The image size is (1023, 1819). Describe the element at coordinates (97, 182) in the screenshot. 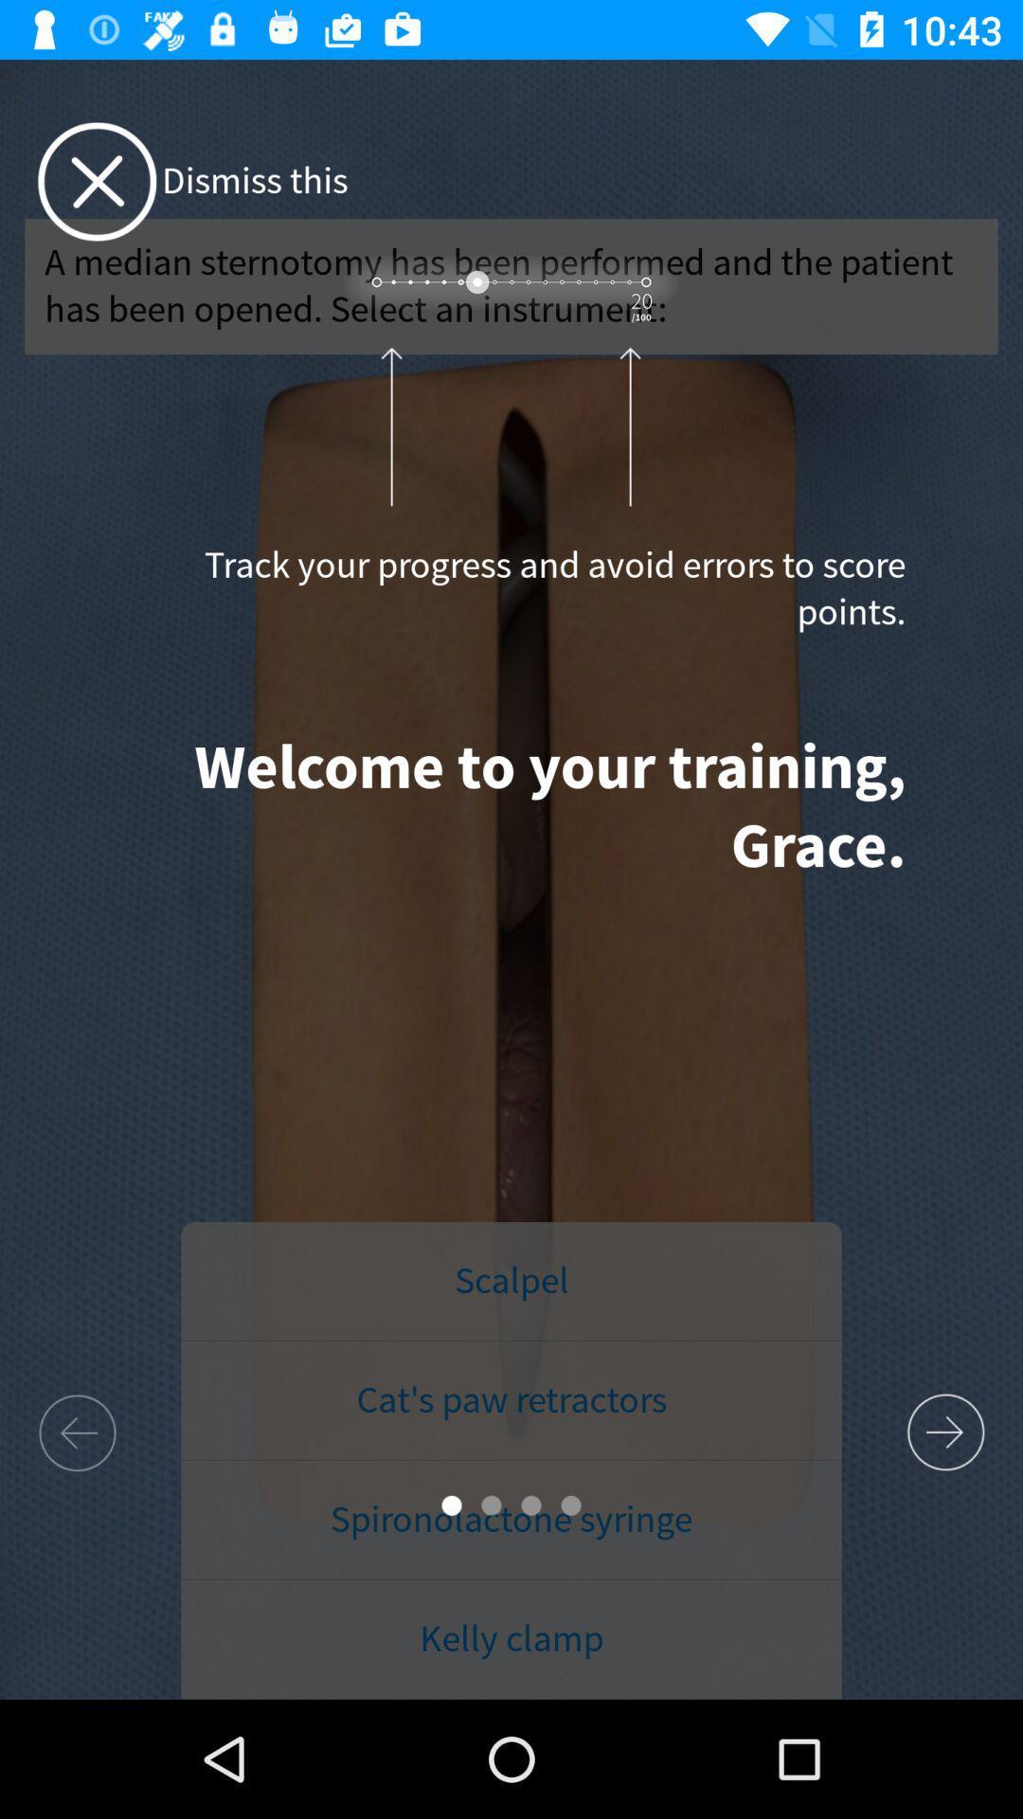

I see `the close icon` at that location.